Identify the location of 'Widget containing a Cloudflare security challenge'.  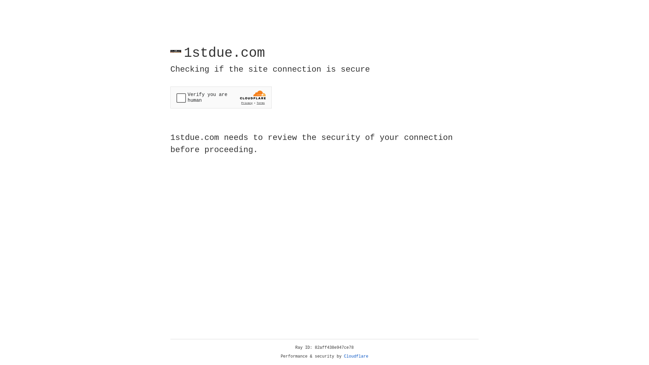
(221, 97).